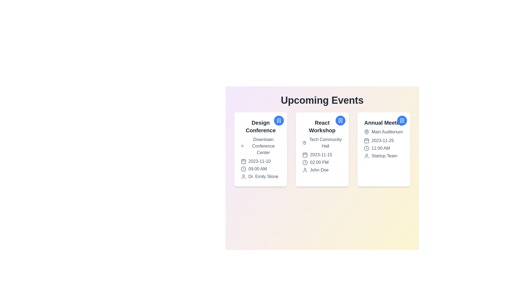  Describe the element at coordinates (305, 155) in the screenshot. I see `the date indicator icon located in the second card titled 'React Workshop' in the 'Upcoming Events' section, which is positioned beside the date text` at that location.